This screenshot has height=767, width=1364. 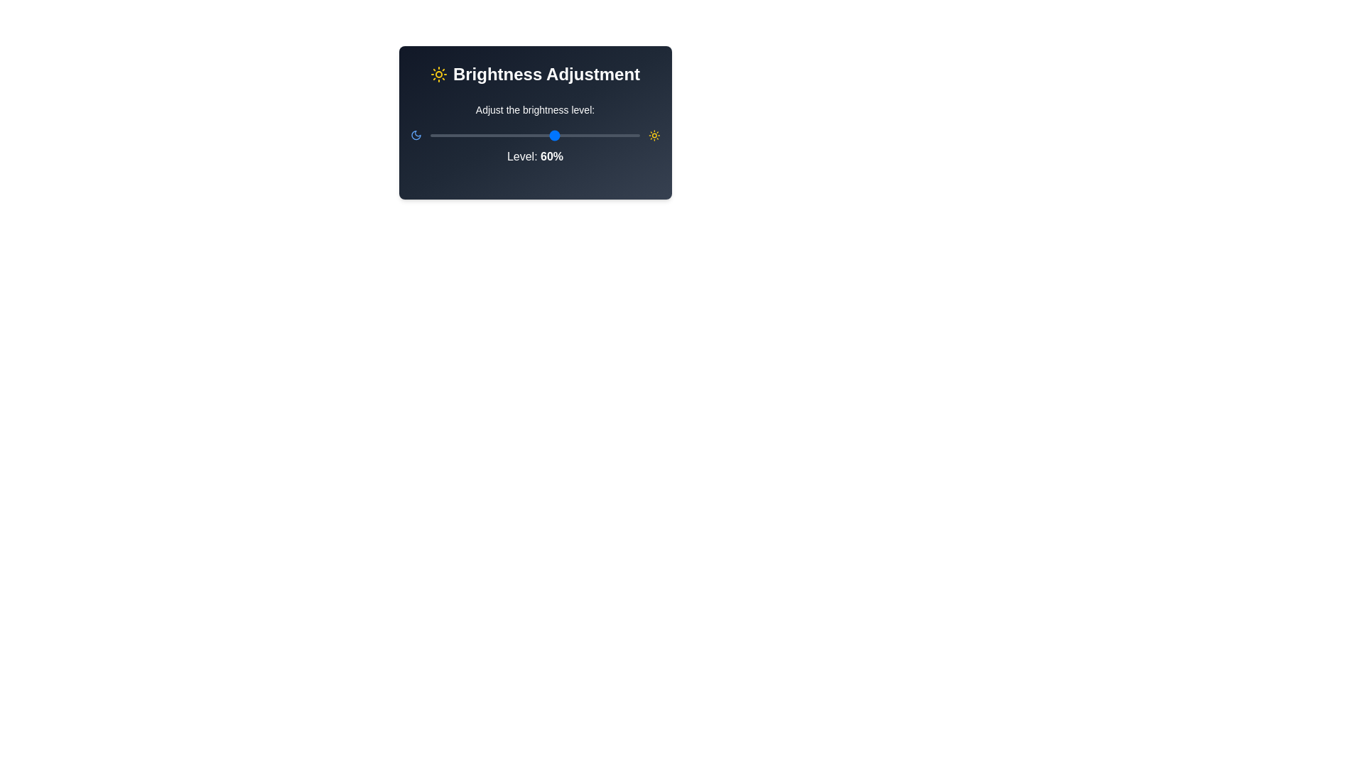 What do you see at coordinates (475, 136) in the screenshot?
I see `the brightness level` at bounding box center [475, 136].